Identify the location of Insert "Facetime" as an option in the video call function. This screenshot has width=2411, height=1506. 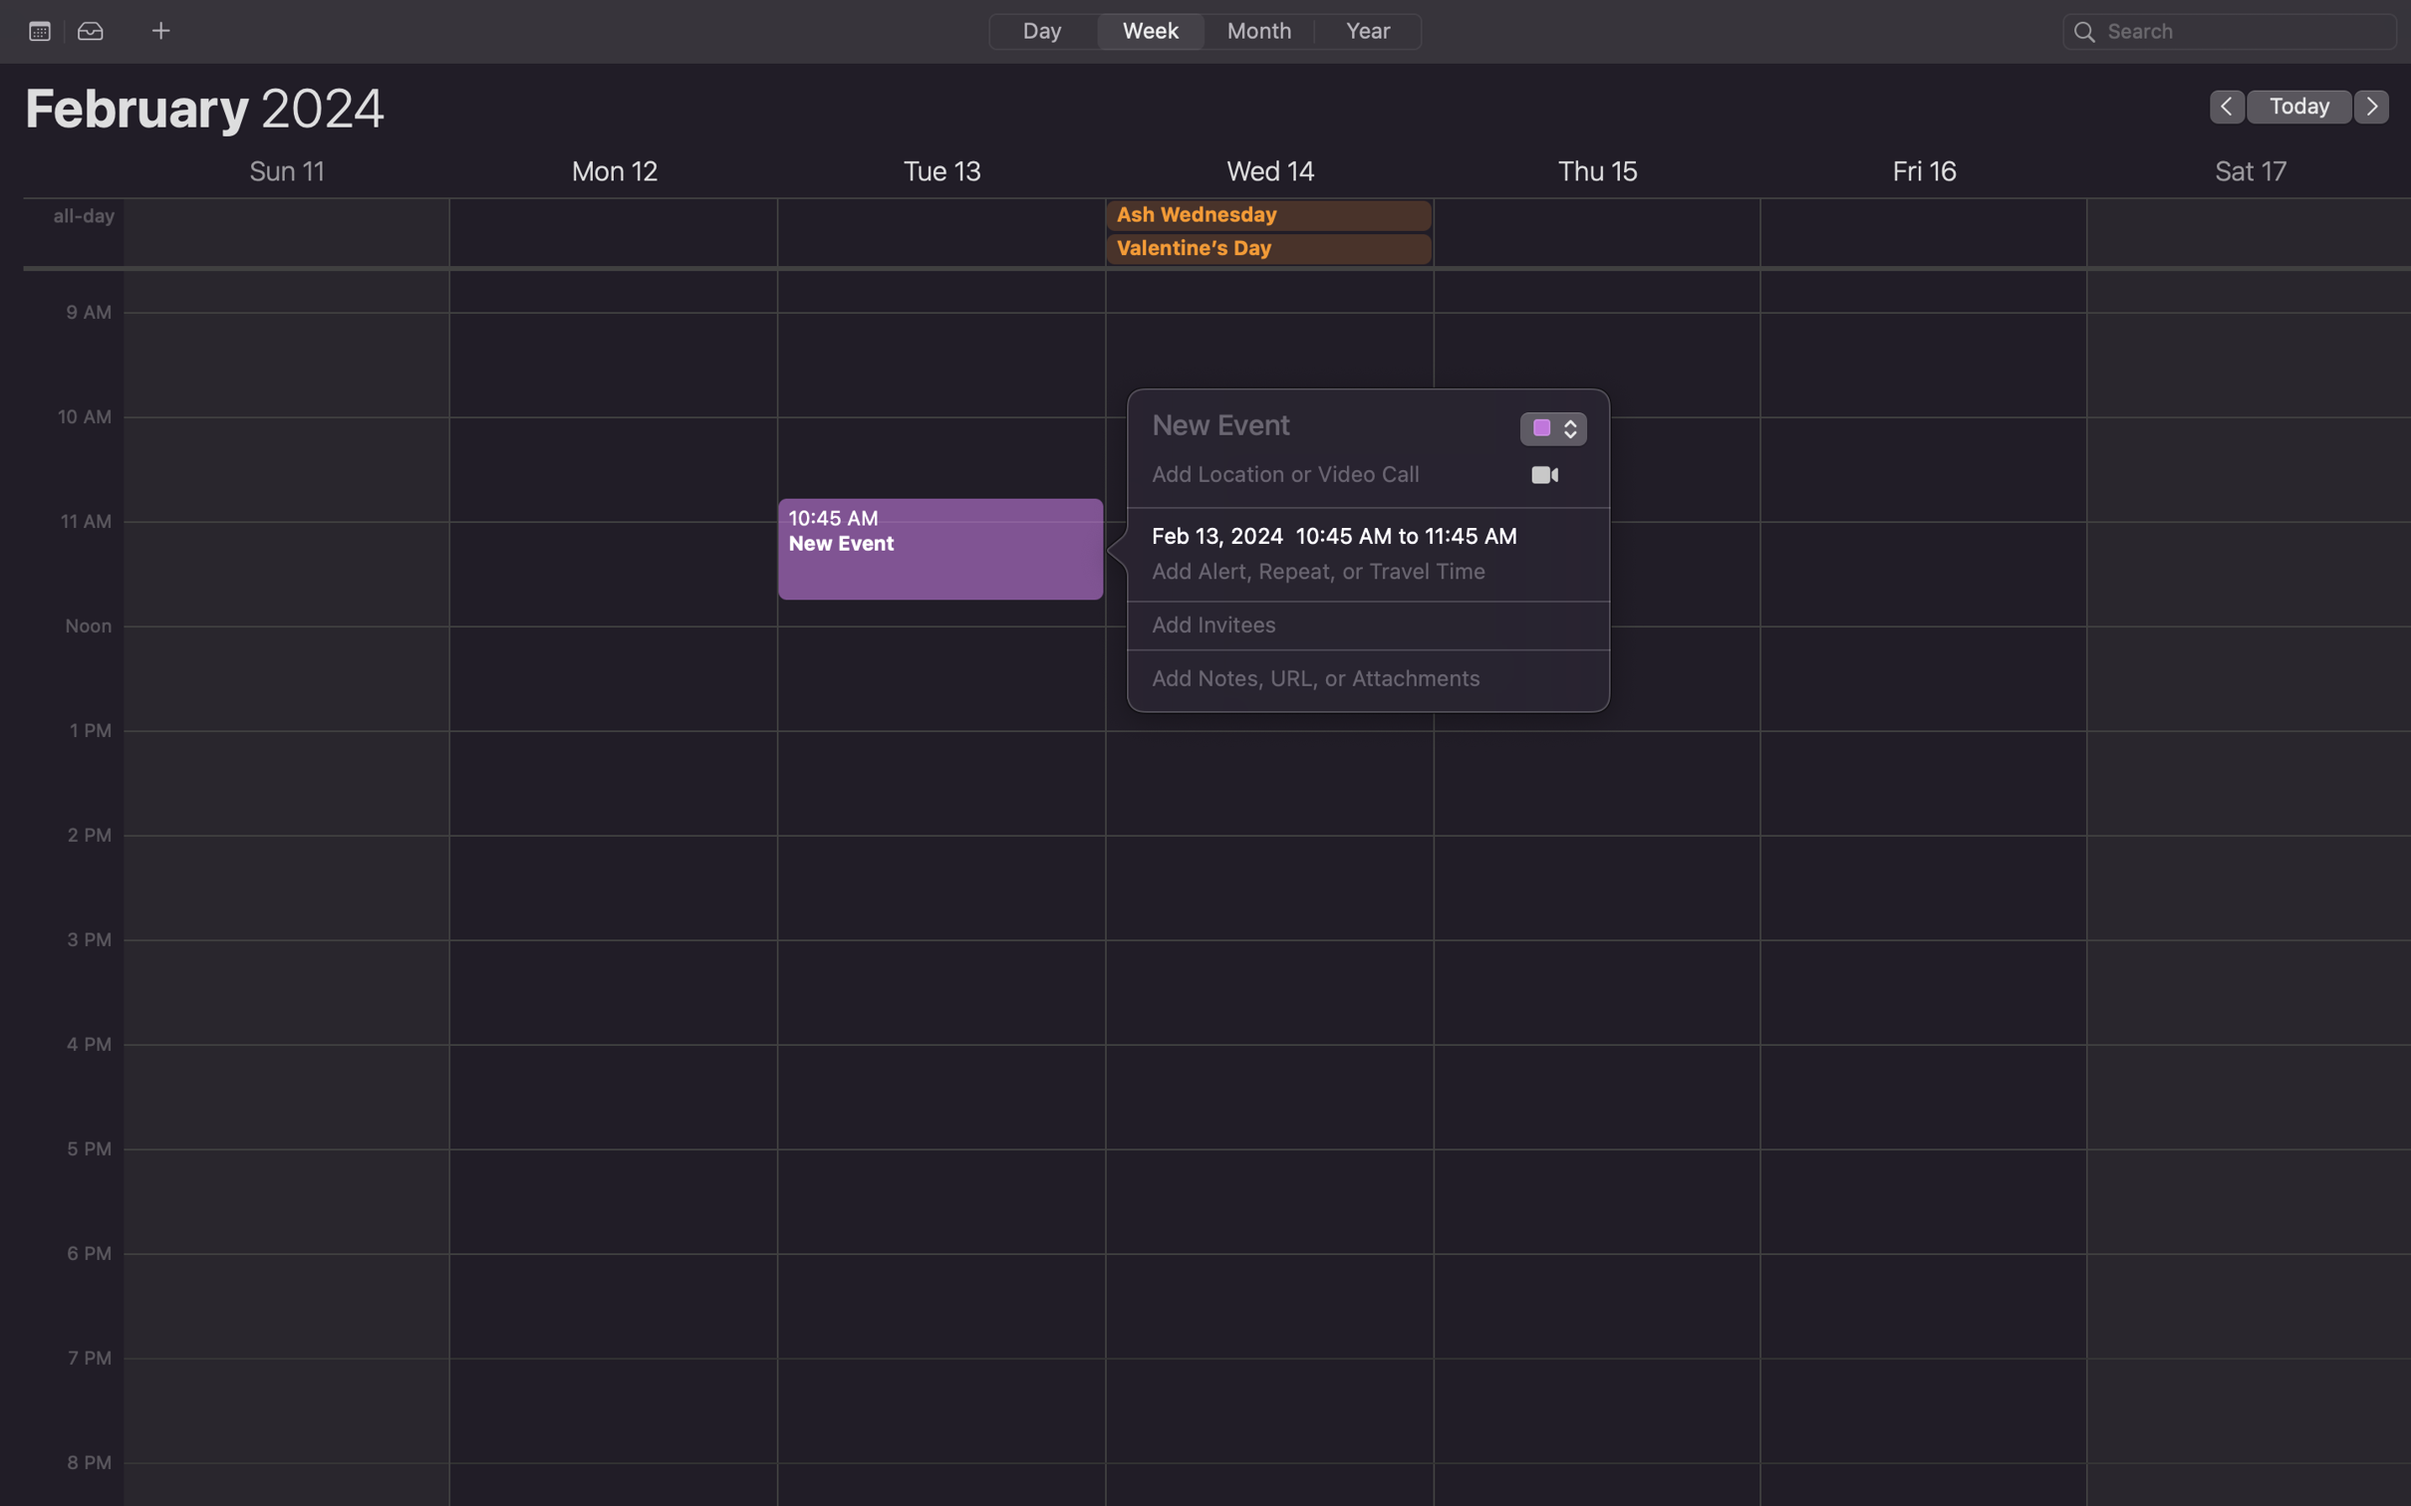
(1544, 475).